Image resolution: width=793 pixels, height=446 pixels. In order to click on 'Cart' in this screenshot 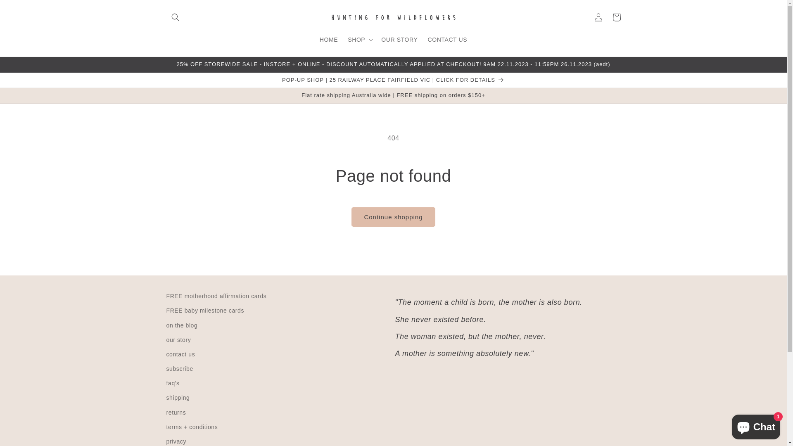, I will do `click(616, 17)`.